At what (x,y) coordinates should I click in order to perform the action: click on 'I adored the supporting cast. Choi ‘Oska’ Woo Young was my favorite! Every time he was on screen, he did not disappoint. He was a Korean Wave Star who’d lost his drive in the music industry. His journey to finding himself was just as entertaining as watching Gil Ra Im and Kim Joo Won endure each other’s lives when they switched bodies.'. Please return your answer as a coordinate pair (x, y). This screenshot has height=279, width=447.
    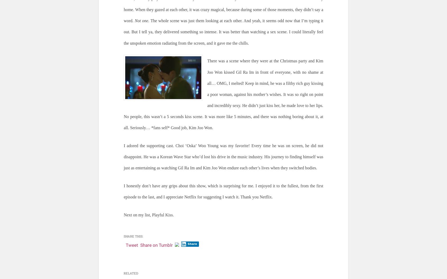
    Looking at the image, I should click on (223, 157).